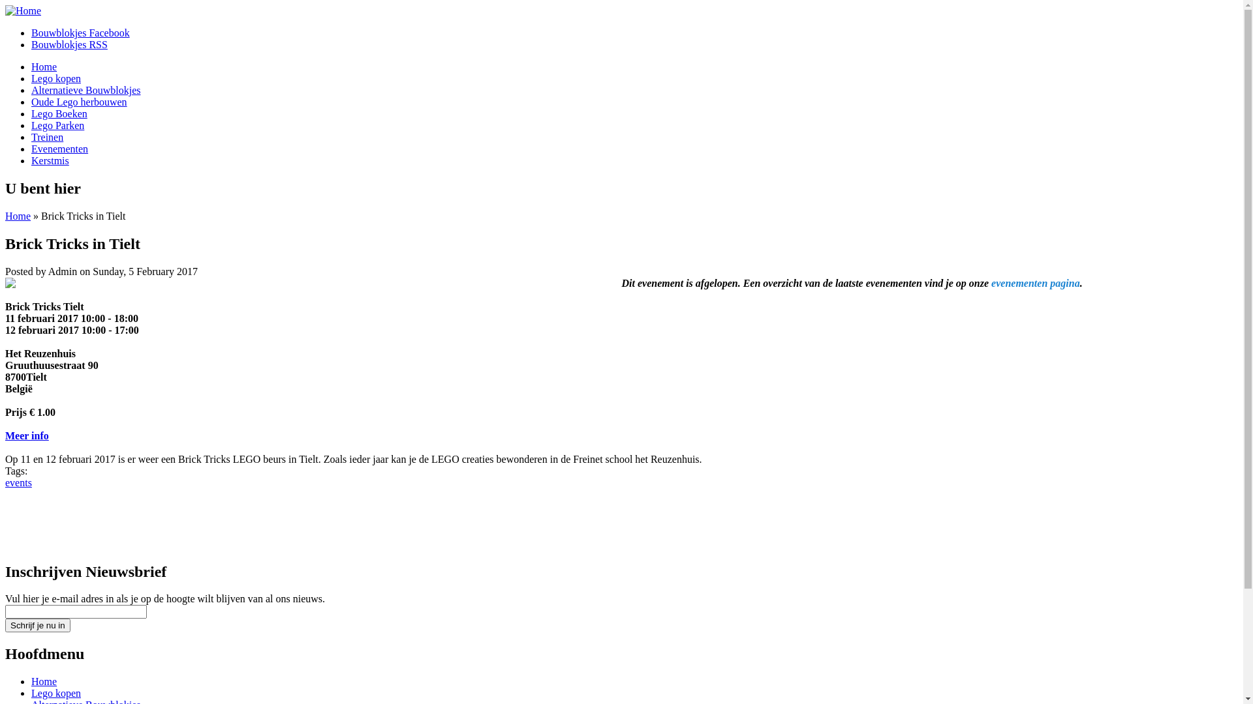 The height and width of the screenshot is (704, 1253). Describe the element at coordinates (44, 66) in the screenshot. I see `'Home'` at that location.